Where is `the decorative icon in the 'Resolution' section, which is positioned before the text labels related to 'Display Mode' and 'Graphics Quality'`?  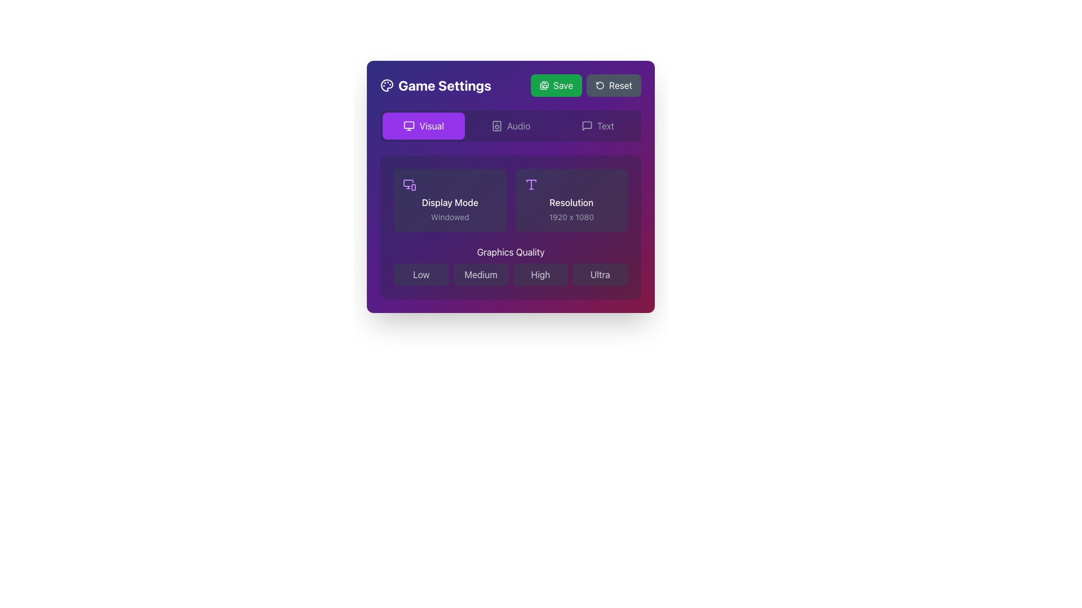 the decorative icon in the 'Resolution' section, which is positioned before the text labels related to 'Display Mode' and 'Graphics Quality' is located at coordinates (530, 184).